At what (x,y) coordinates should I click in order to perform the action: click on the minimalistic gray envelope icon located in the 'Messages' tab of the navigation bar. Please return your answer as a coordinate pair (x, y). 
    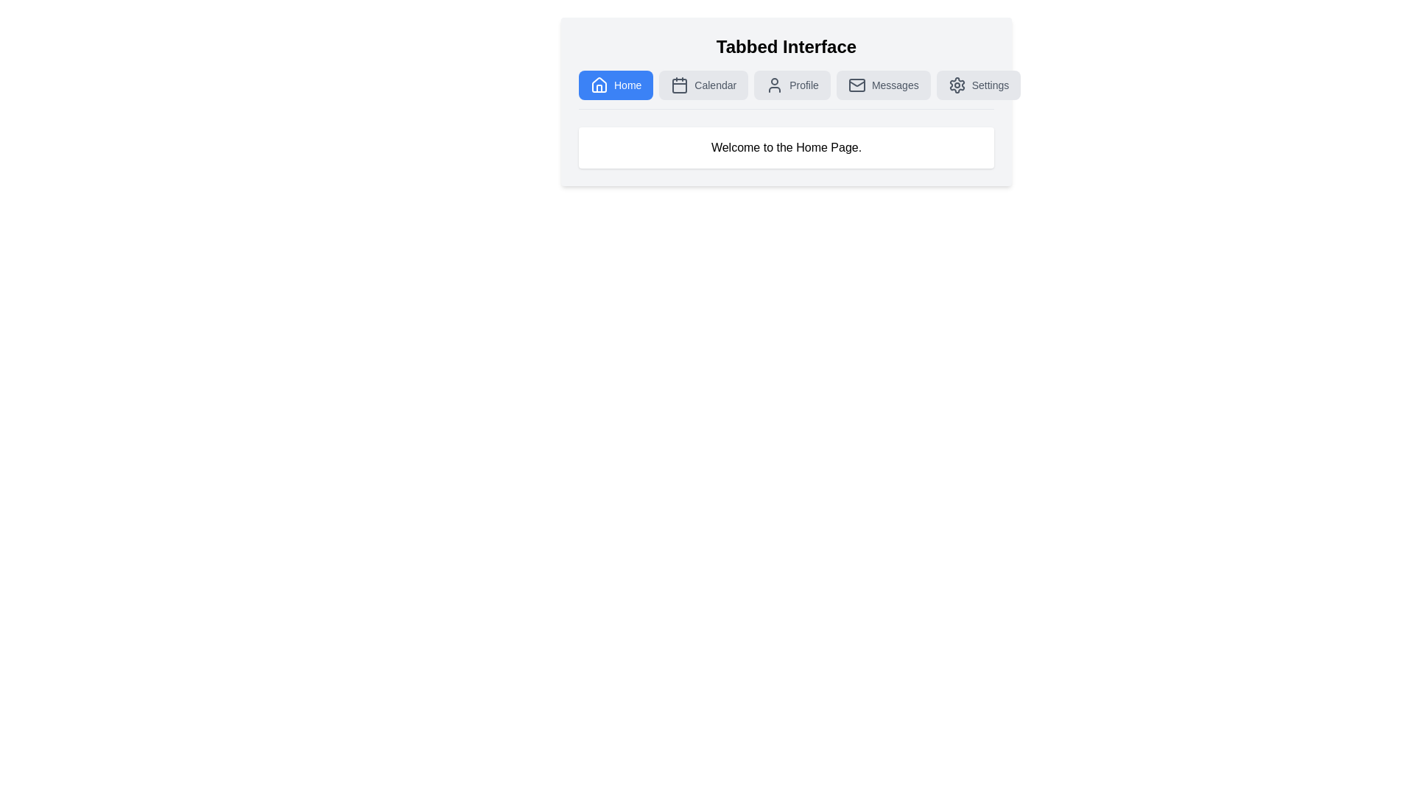
    Looking at the image, I should click on (857, 85).